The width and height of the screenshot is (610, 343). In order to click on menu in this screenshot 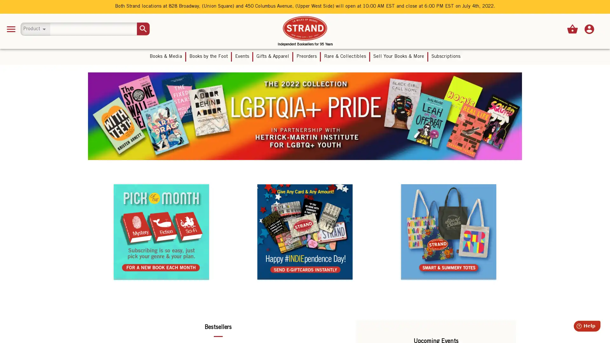, I will do `click(11, 29)`.